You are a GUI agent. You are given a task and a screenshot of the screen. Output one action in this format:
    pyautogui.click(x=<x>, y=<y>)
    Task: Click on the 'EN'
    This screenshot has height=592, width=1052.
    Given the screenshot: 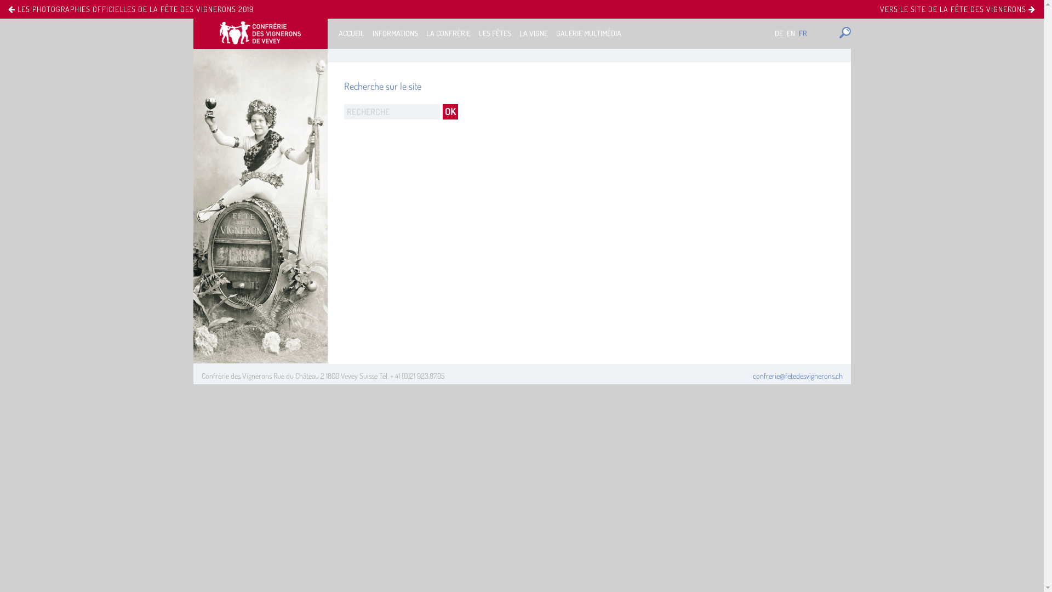 What is the action you would take?
    pyautogui.click(x=791, y=32)
    